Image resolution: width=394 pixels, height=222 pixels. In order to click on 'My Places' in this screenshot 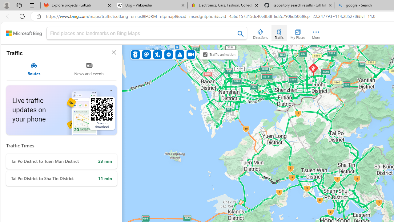, I will do `click(298, 33)`.